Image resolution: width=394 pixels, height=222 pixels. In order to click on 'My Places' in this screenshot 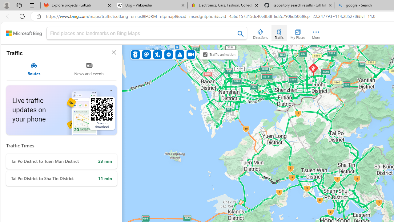, I will do `click(298, 33)`.